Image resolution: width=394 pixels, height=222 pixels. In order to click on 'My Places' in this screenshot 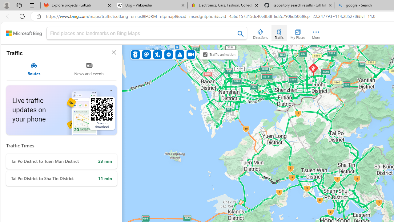, I will do `click(298, 33)`.